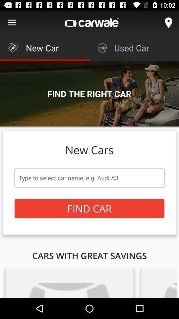 The height and width of the screenshot is (319, 179). Describe the element at coordinates (89, 177) in the screenshot. I see `type search` at that location.